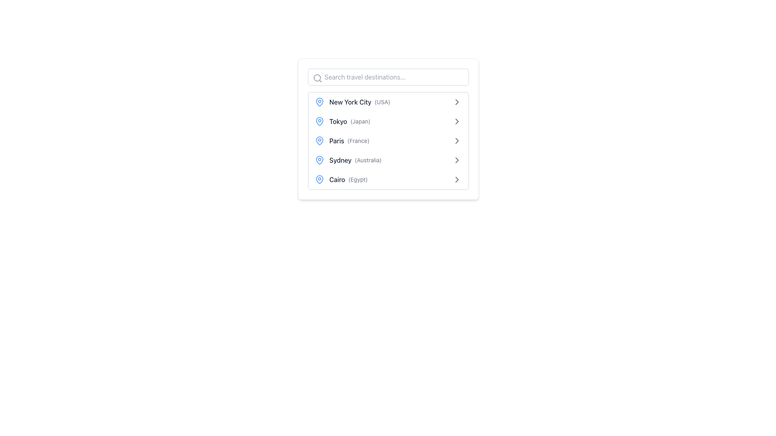 The height and width of the screenshot is (436, 776). What do you see at coordinates (317, 78) in the screenshot?
I see `the static search icon that signifies the search functionality, located to the far left of the search bar` at bounding box center [317, 78].